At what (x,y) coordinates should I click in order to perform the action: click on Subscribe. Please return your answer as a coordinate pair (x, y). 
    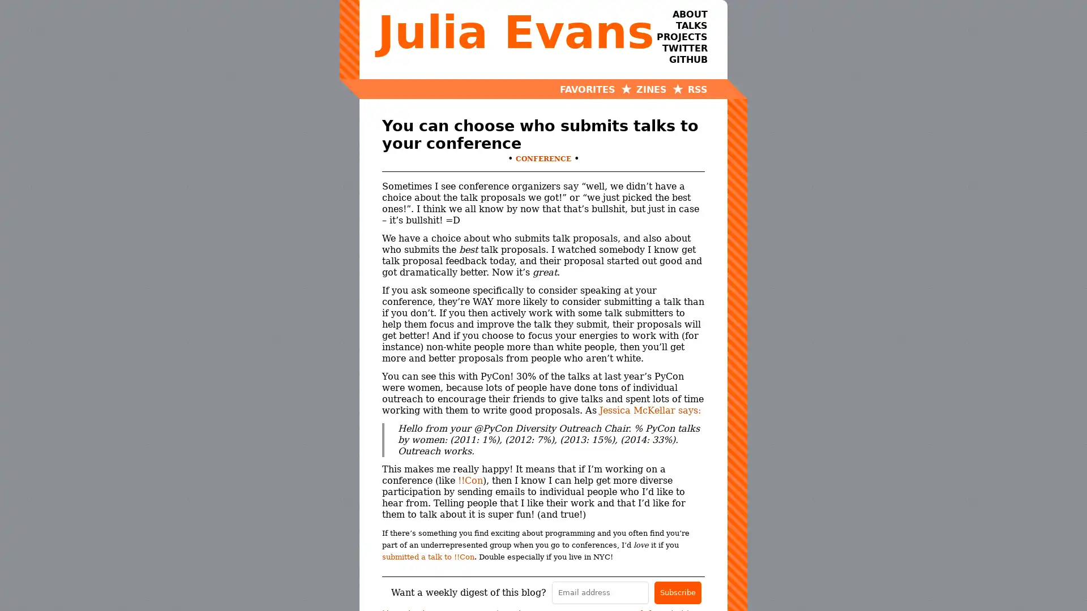
    Looking at the image, I should click on (678, 591).